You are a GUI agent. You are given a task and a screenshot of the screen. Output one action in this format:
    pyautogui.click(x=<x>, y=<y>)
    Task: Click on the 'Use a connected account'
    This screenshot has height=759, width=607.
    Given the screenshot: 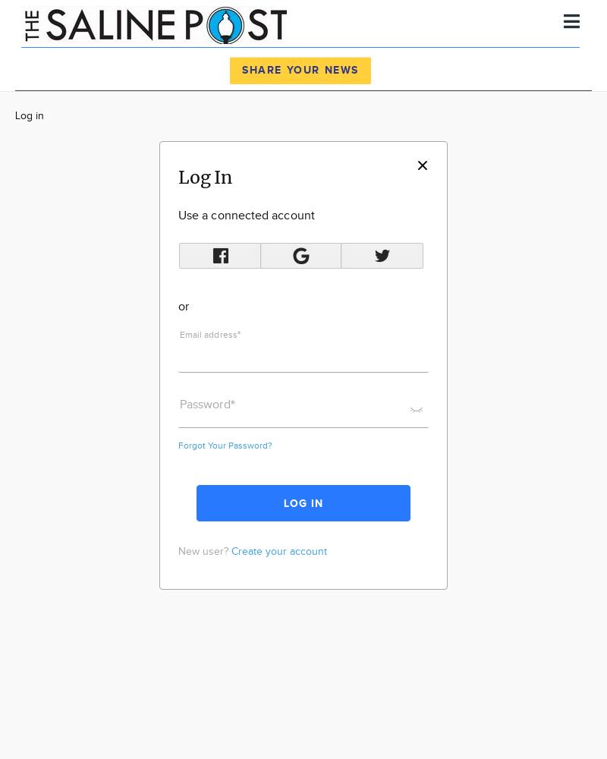 What is the action you would take?
    pyautogui.click(x=245, y=216)
    